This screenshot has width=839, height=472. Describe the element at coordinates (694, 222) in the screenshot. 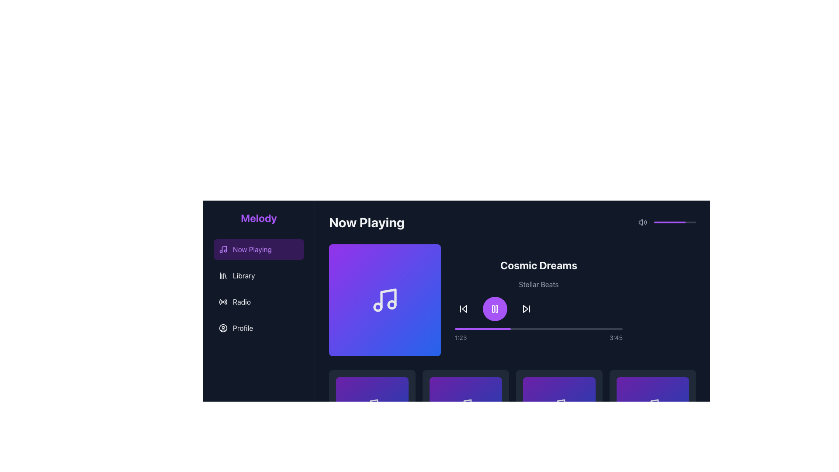

I see `the slider` at that location.